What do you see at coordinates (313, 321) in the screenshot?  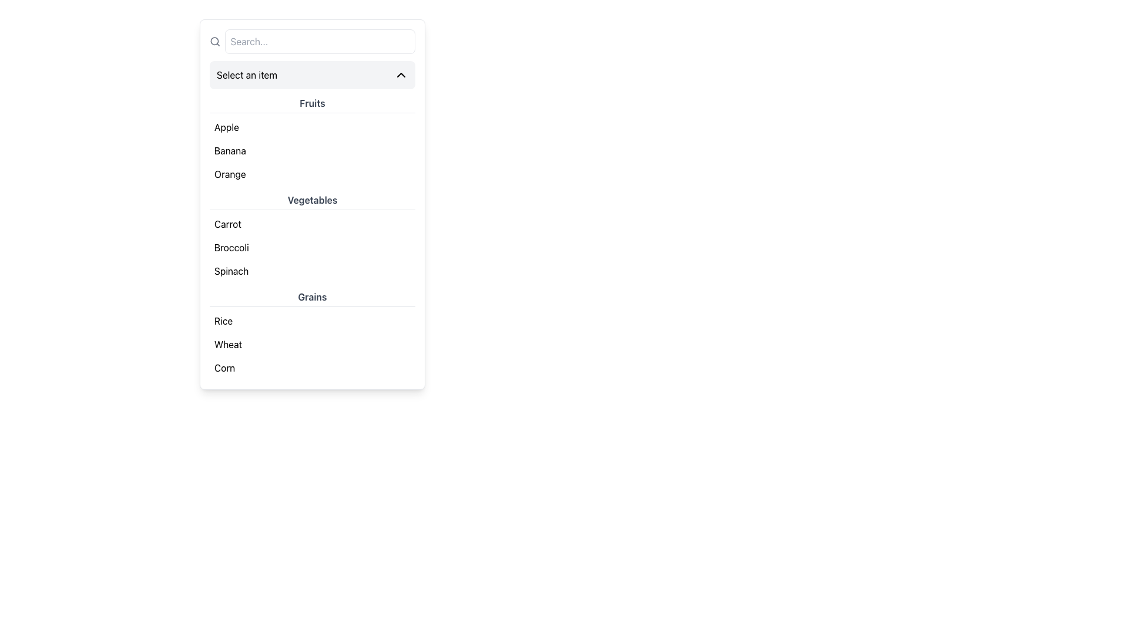 I see `the first visible list item for 'Rice' in the 'Grains' section of the menu panel` at bounding box center [313, 321].